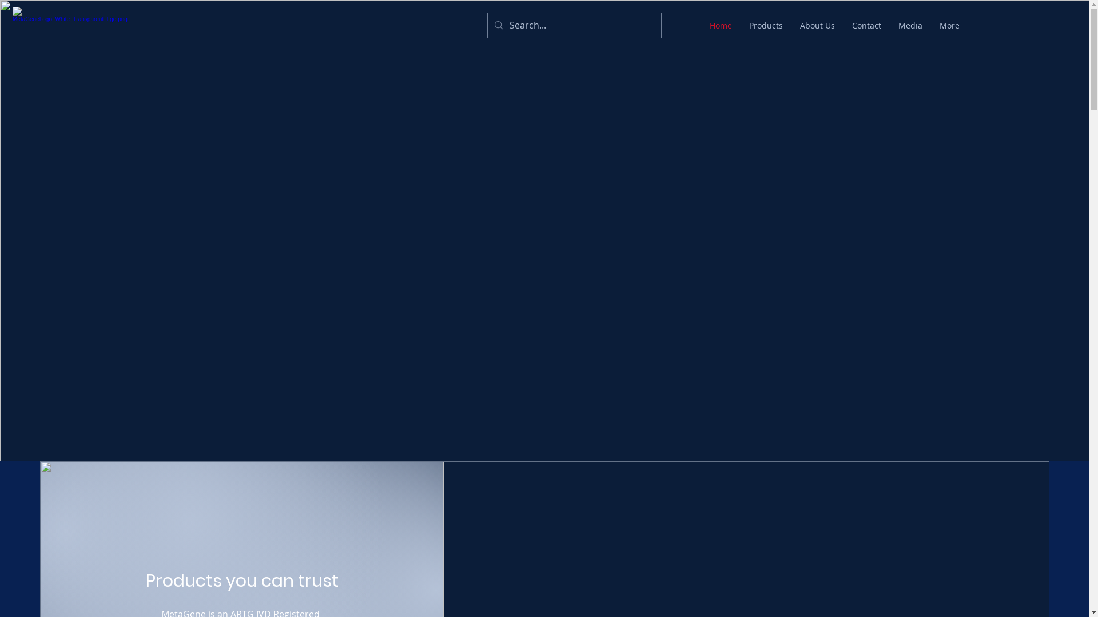 This screenshot has width=1098, height=617. Describe the element at coordinates (817, 26) in the screenshot. I see `'About Us'` at that location.